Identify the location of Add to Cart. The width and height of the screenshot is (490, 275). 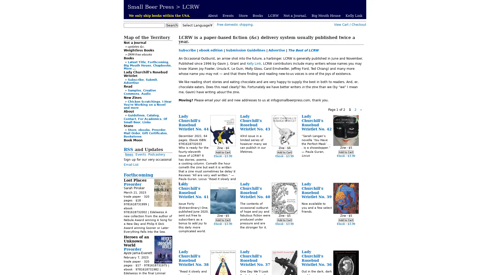
(346, 152).